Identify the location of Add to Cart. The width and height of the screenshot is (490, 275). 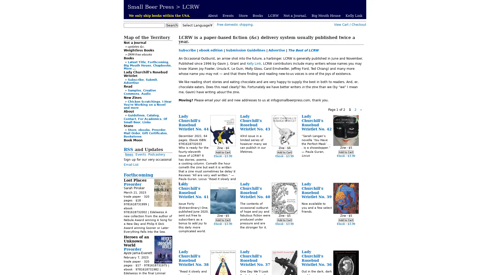
(346, 152).